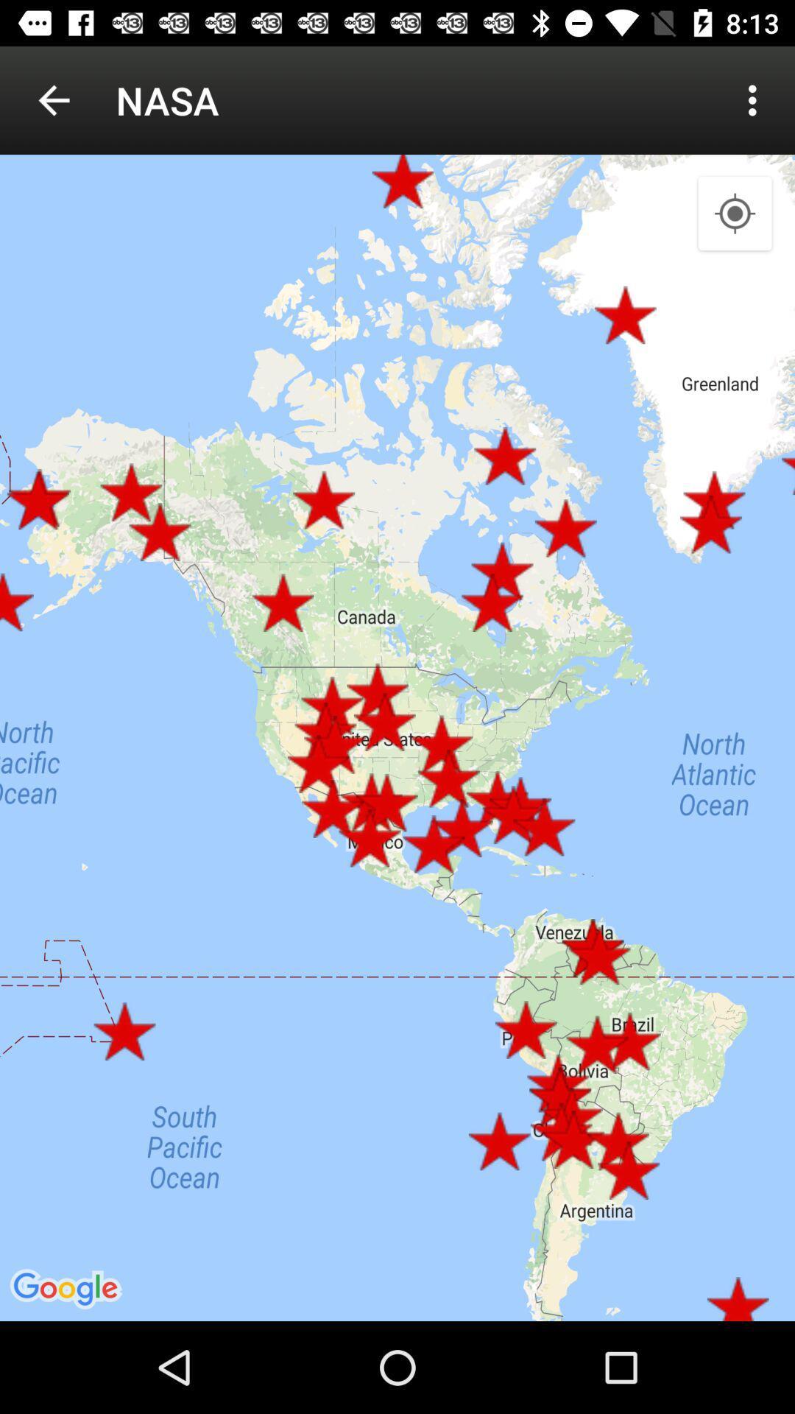 The image size is (795, 1414). I want to click on the item at the center, so click(397, 738).